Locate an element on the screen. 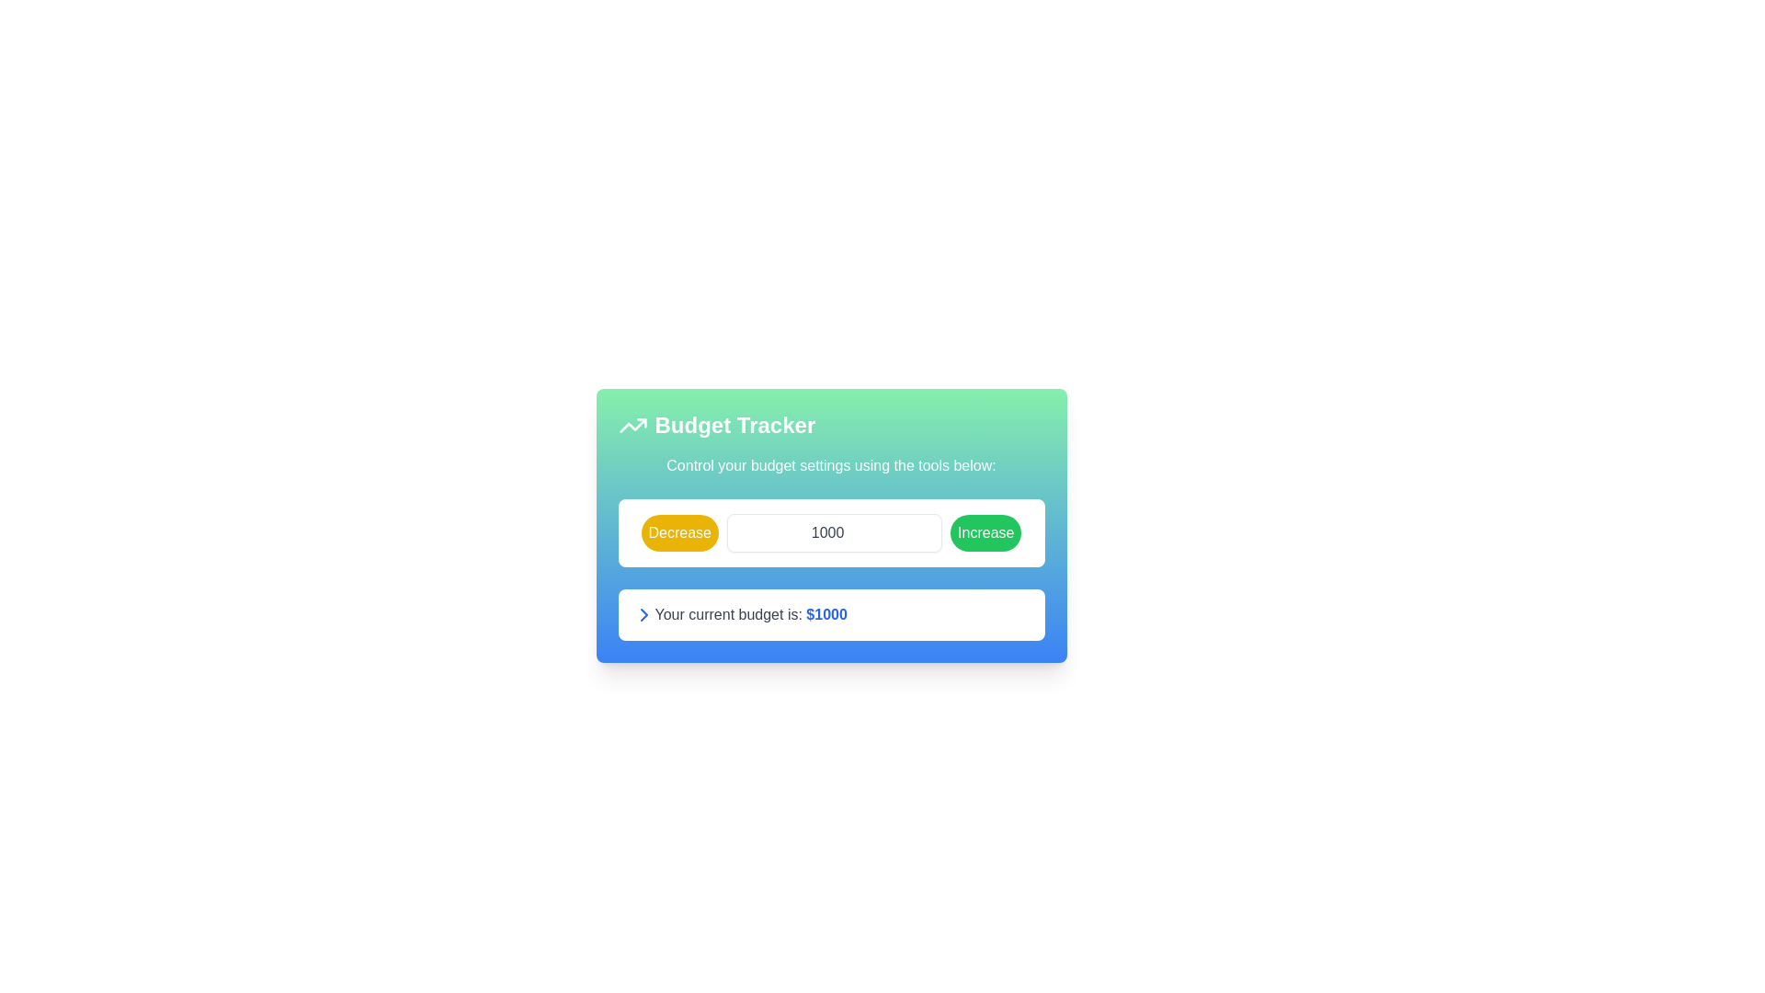 This screenshot has width=1765, height=993. the decorative icon located inside a white background box at the bottom of the interface, to the left of the text 'Your current budget is: $1000' is located at coordinates (643, 614).